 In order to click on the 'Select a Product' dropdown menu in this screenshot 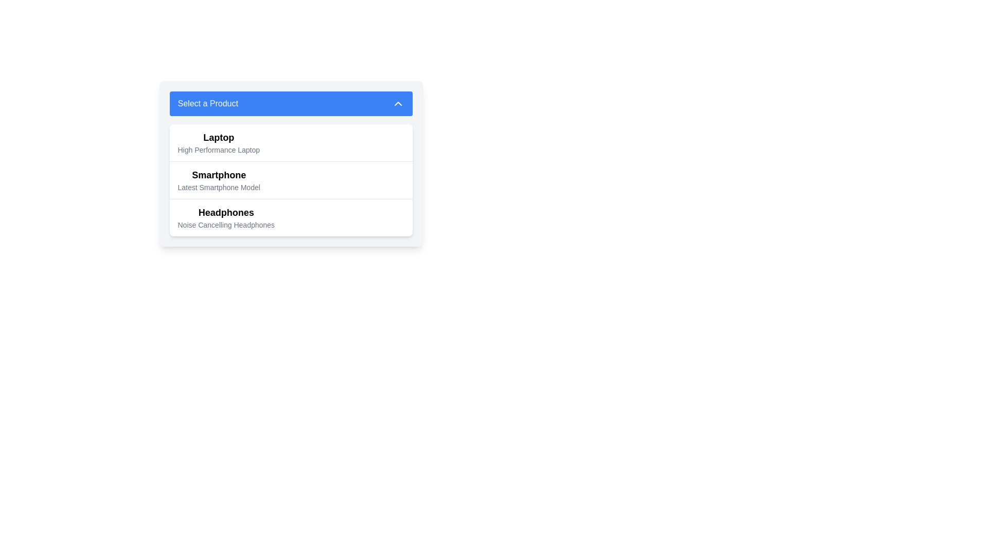, I will do `click(290, 163)`.